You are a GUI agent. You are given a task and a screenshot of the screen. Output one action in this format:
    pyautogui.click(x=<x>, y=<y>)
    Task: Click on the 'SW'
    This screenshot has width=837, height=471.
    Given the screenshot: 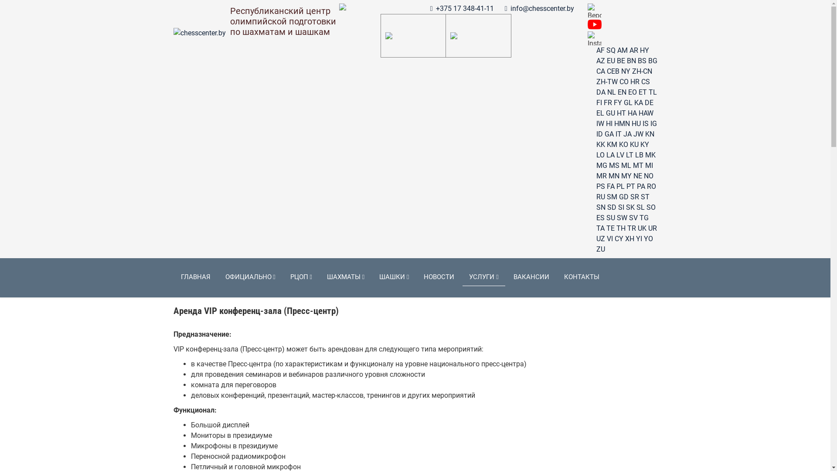 What is the action you would take?
    pyautogui.click(x=621, y=217)
    